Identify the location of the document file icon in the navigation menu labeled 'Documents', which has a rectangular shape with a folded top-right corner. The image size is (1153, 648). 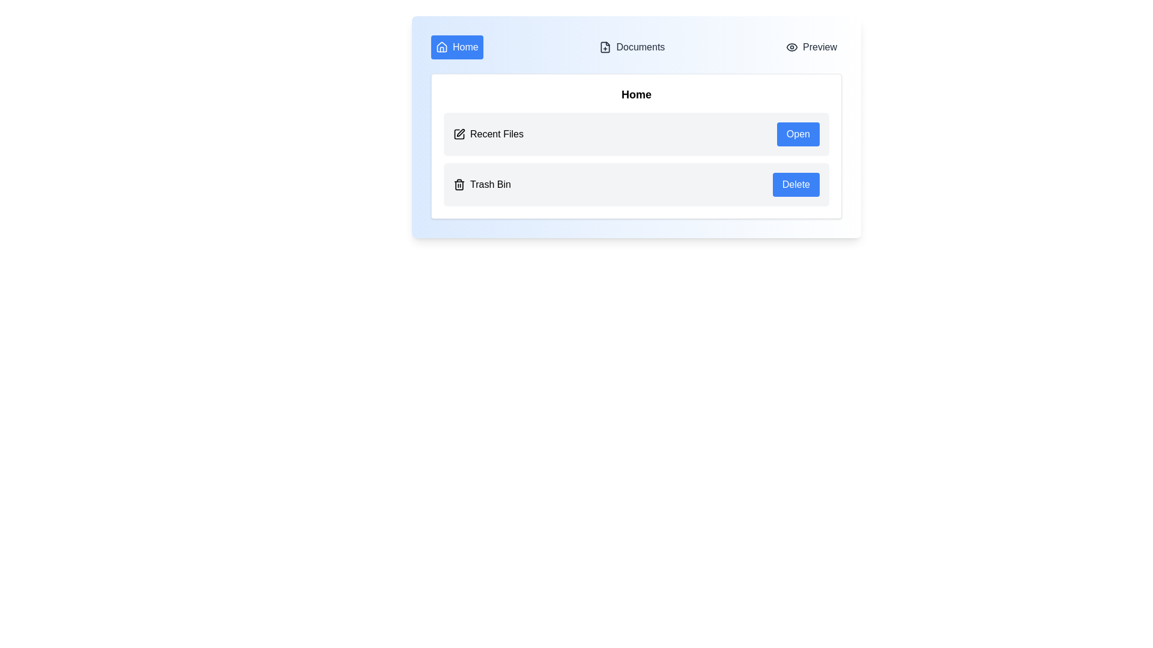
(605, 46).